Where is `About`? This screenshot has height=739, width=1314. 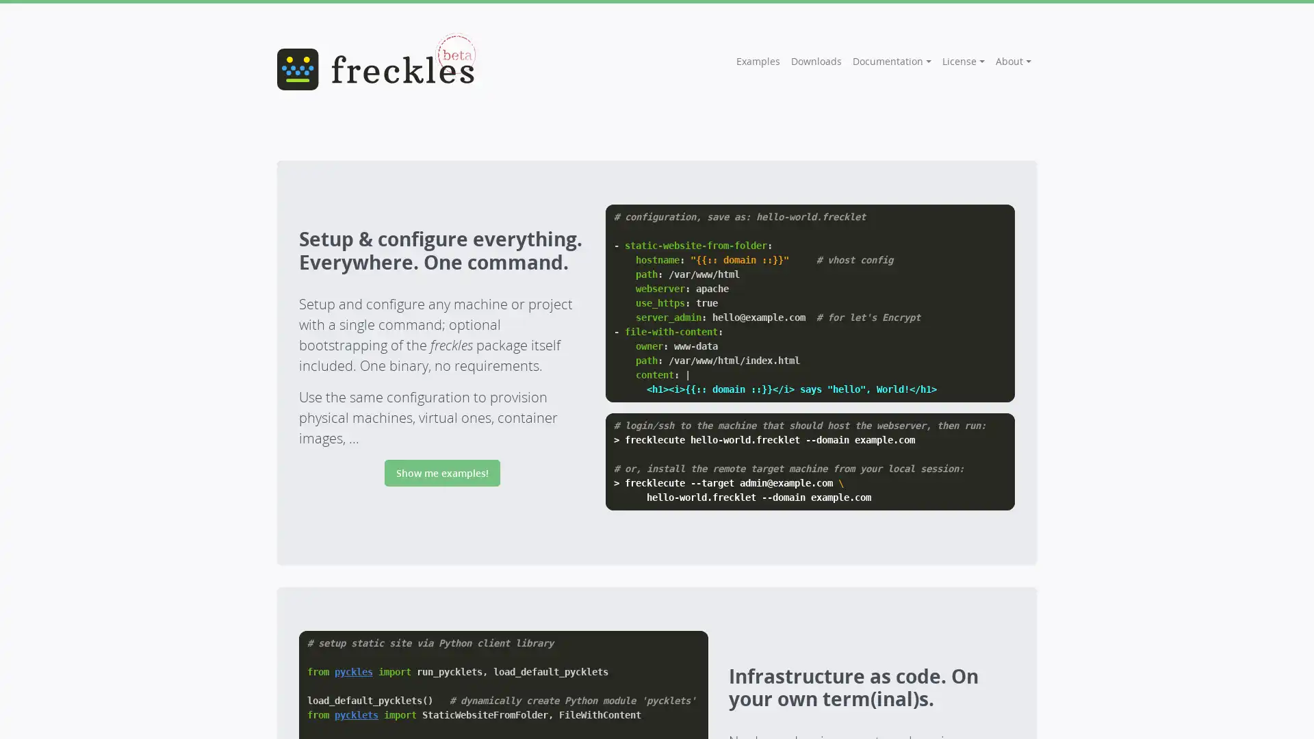 About is located at coordinates (1014, 60).